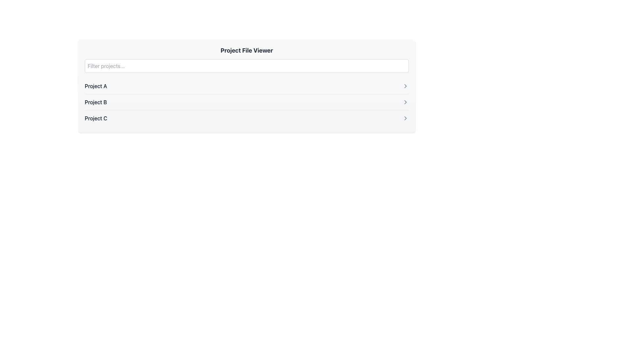 This screenshot has width=631, height=355. Describe the element at coordinates (246, 86) in the screenshot. I see `the first list item for 'Project A'` at that location.